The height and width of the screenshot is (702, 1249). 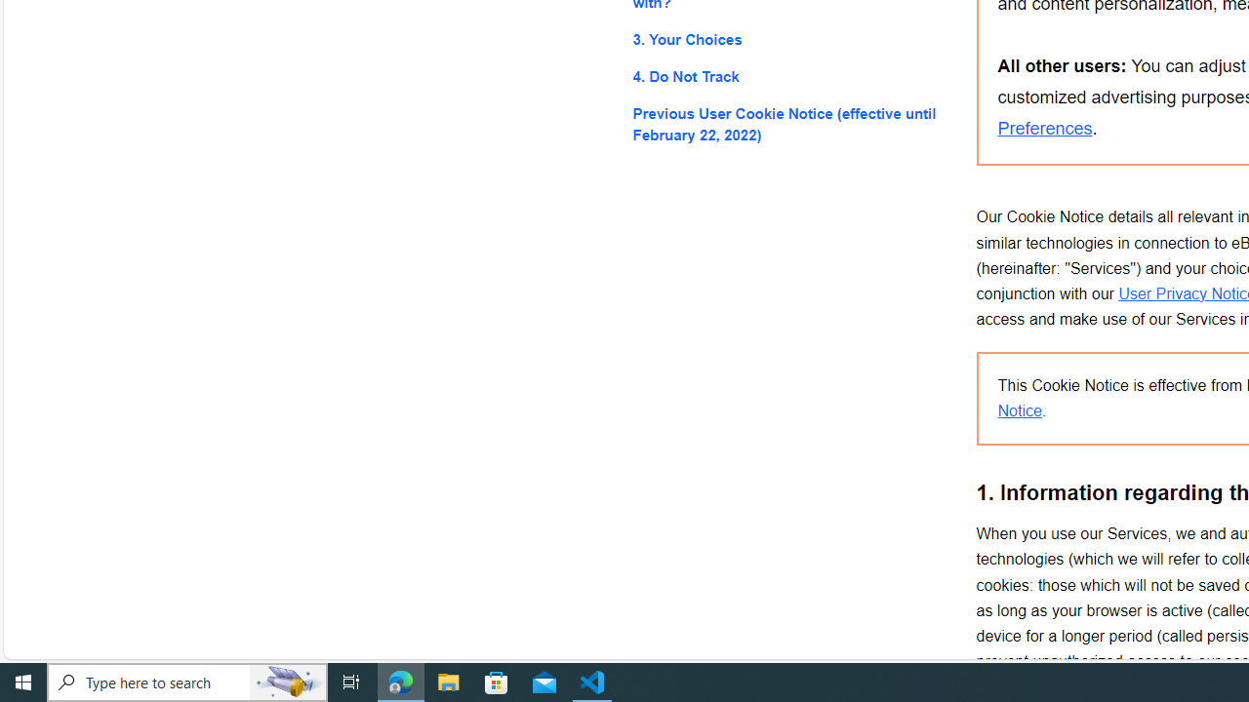 What do you see at coordinates (788, 75) in the screenshot?
I see `'4. Do Not Track'` at bounding box center [788, 75].